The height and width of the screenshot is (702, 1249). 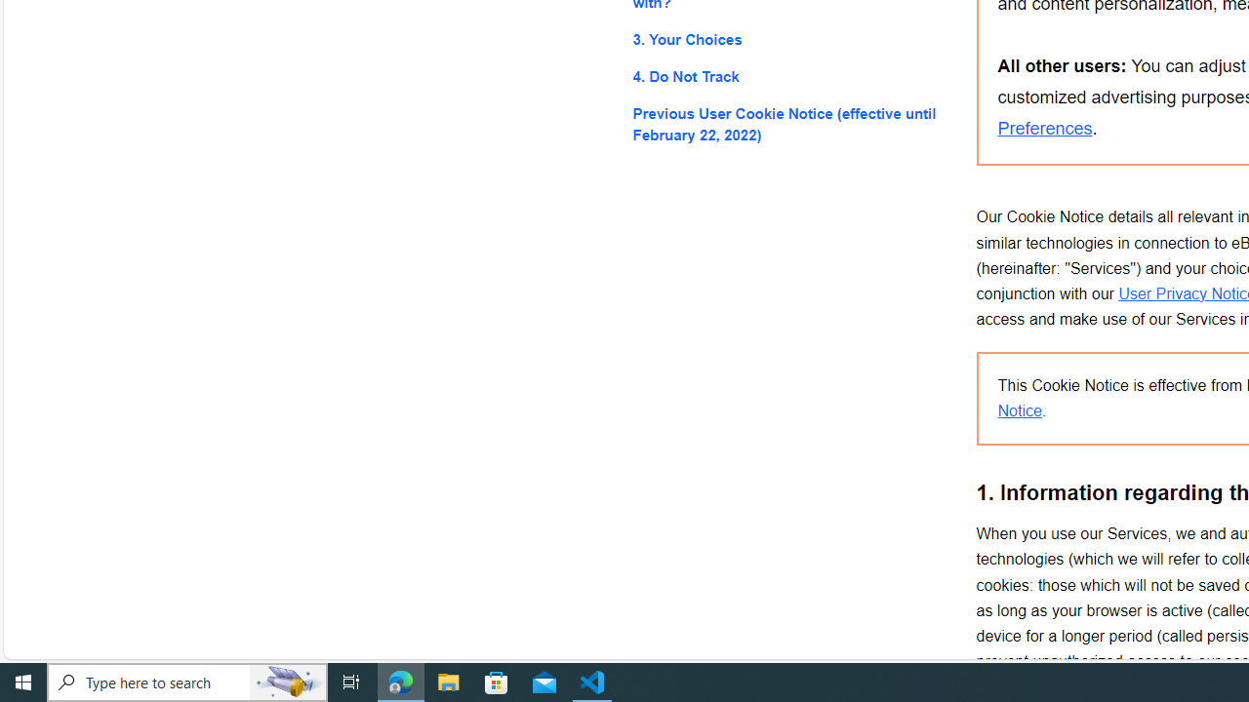 What do you see at coordinates (788, 75) in the screenshot?
I see `'4. Do Not Track'` at bounding box center [788, 75].